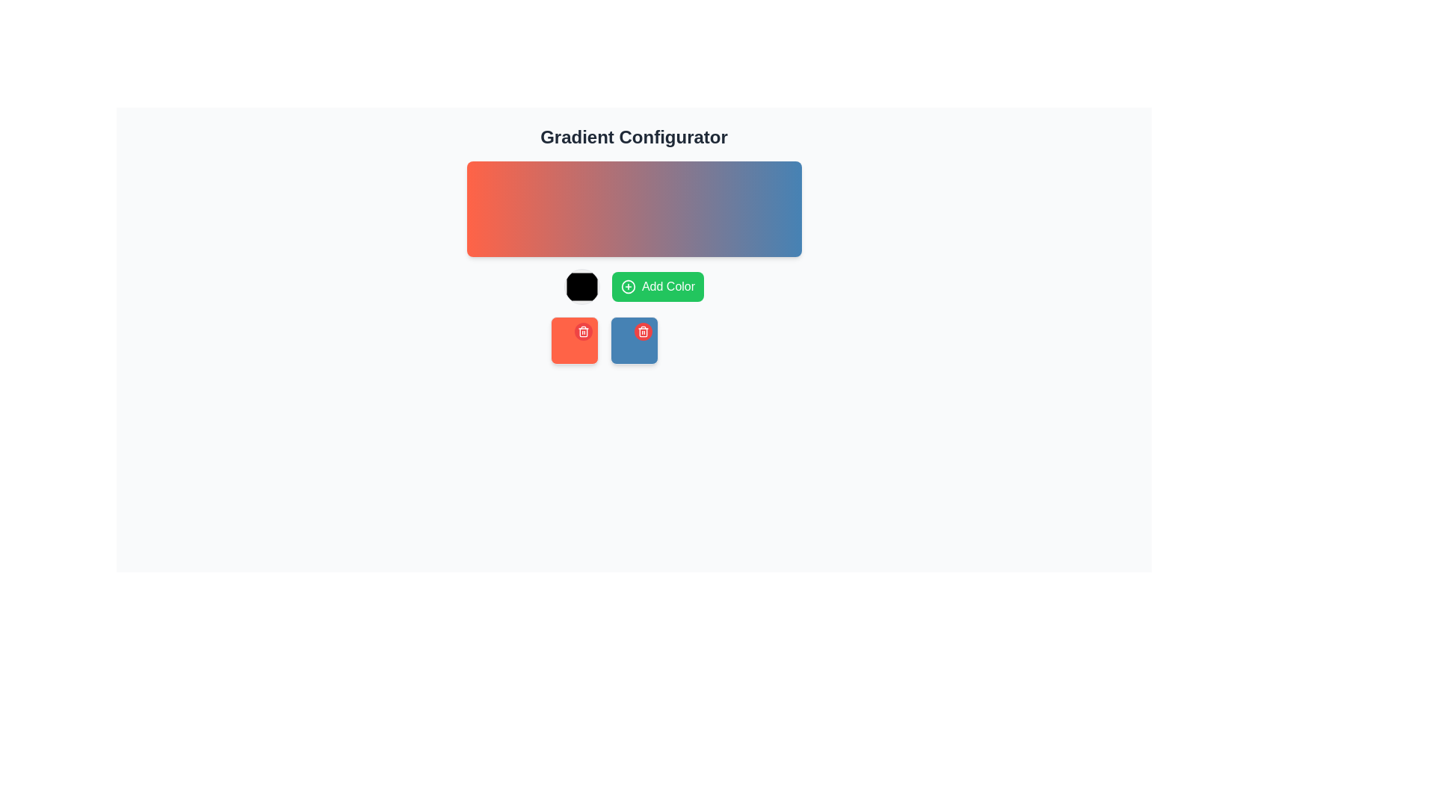  What do you see at coordinates (634, 340) in the screenshot?
I see `the blue Color/Swatch widget with a delete action located in the second column of the 3-column grid` at bounding box center [634, 340].